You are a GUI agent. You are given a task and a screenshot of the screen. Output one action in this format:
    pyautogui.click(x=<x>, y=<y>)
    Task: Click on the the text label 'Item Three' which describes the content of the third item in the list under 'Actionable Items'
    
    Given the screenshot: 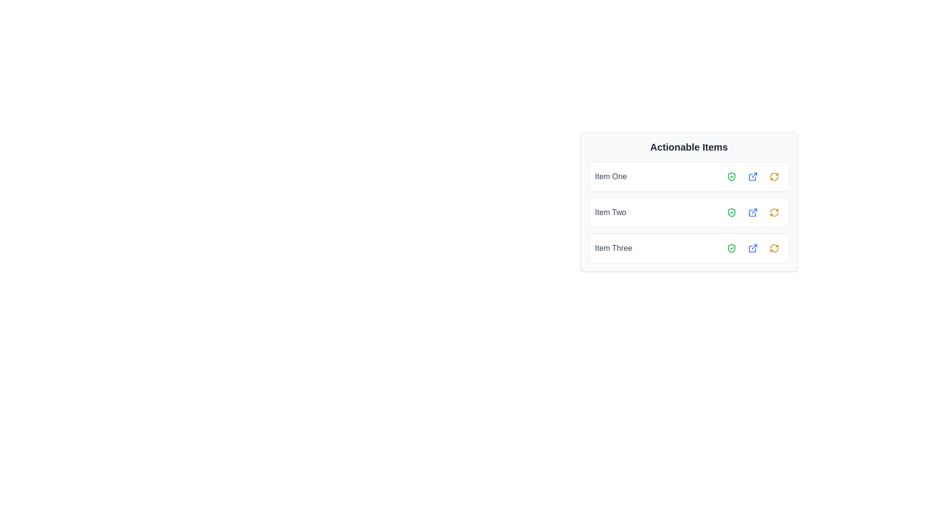 What is the action you would take?
    pyautogui.click(x=613, y=248)
    